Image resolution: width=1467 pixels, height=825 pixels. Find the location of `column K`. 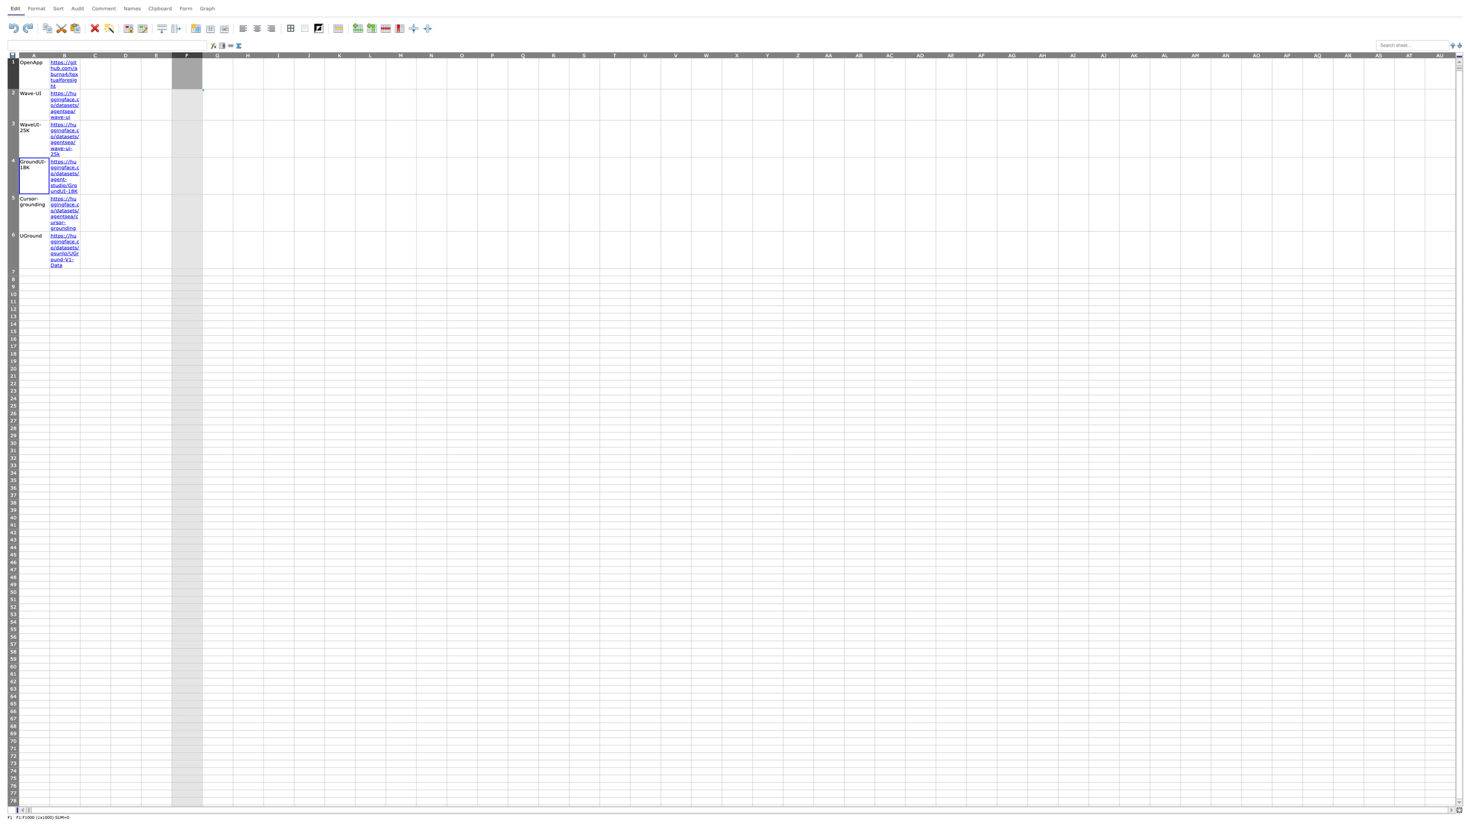

column K is located at coordinates (339, 54).